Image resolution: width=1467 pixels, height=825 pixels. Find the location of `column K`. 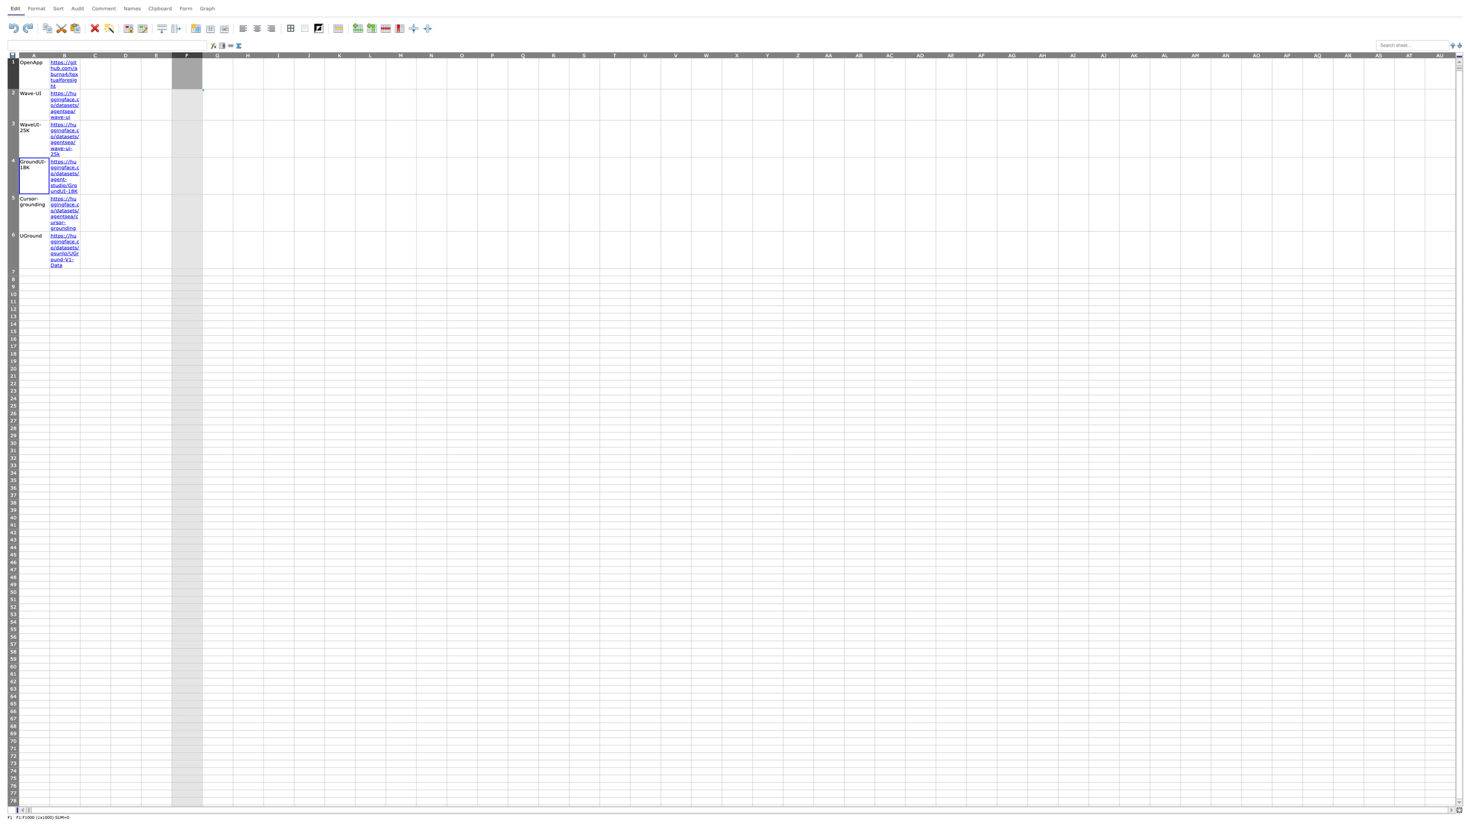

column K is located at coordinates (339, 54).